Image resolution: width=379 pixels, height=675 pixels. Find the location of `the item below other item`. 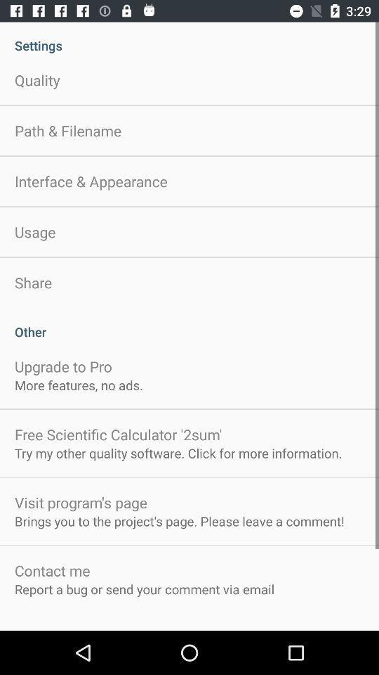

the item below other item is located at coordinates (62, 366).